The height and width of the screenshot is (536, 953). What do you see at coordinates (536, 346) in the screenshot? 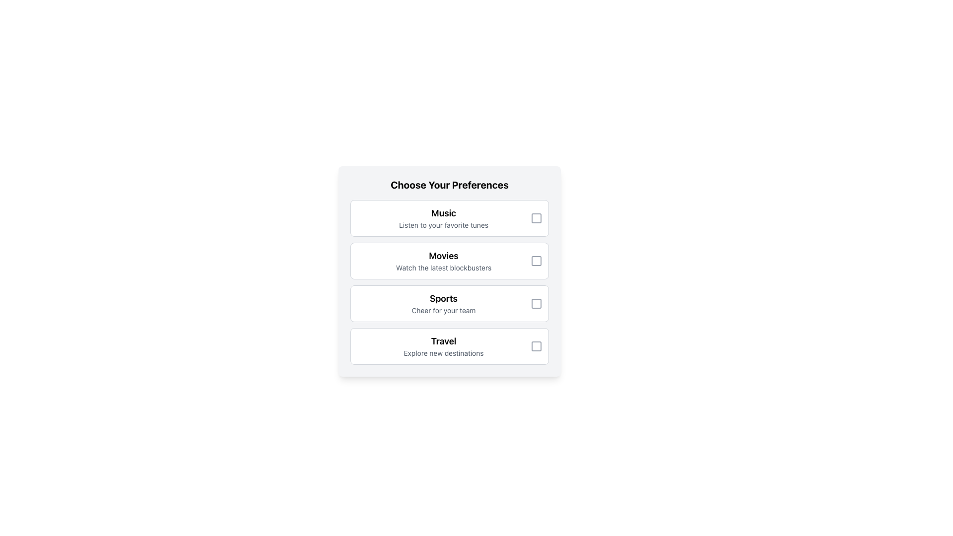
I see `the checkbox for the 'Travel' preference option located to the right of the text 'Explore new destinations'` at bounding box center [536, 346].